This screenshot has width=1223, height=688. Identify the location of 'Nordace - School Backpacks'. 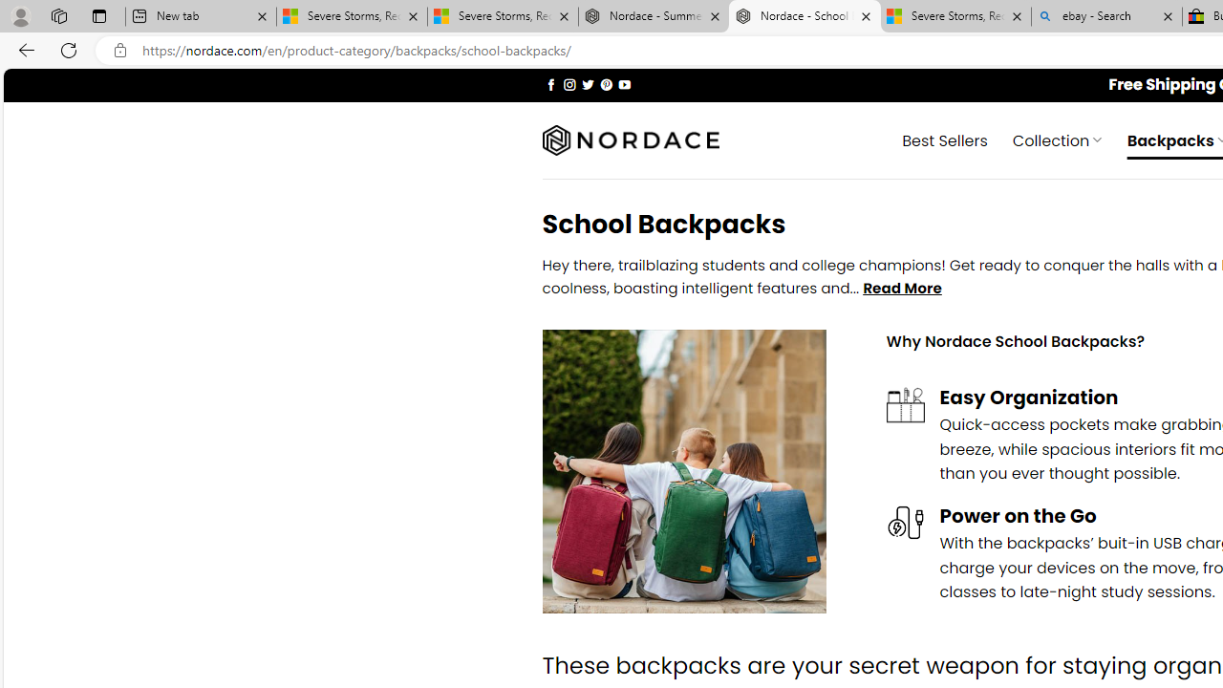
(805, 16).